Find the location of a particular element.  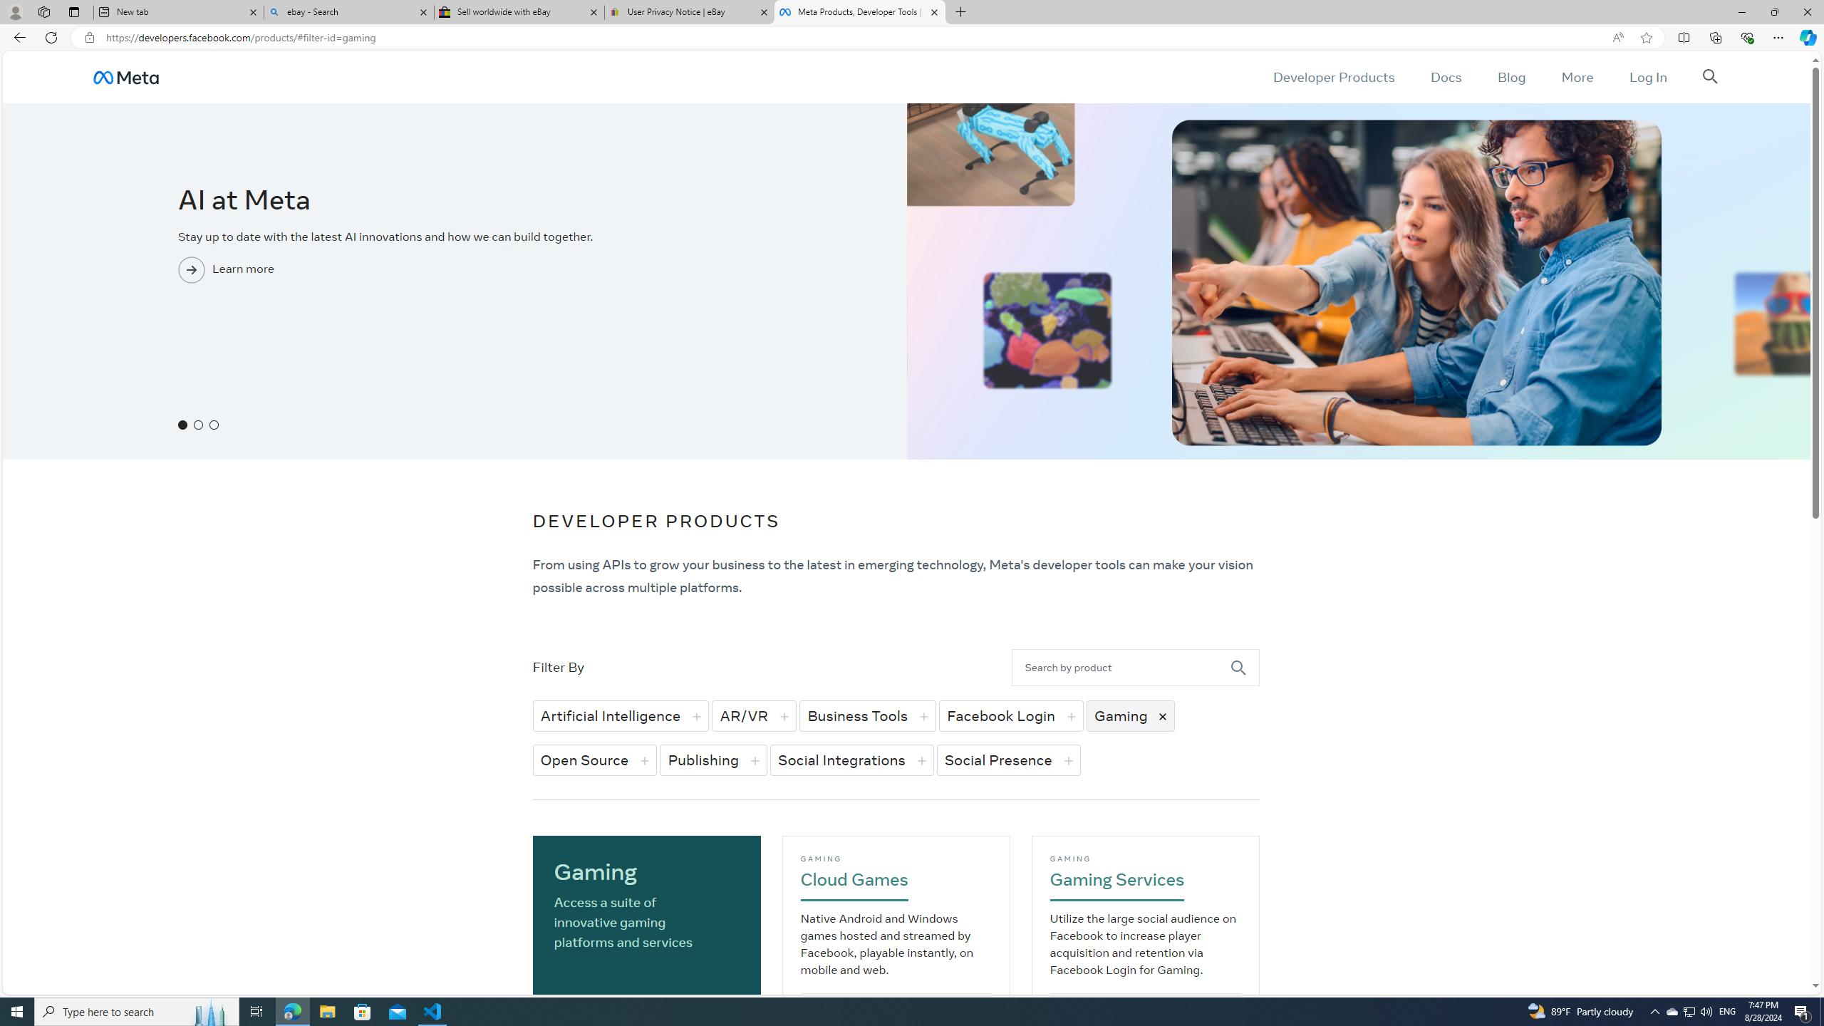

'More' is located at coordinates (1577, 76).